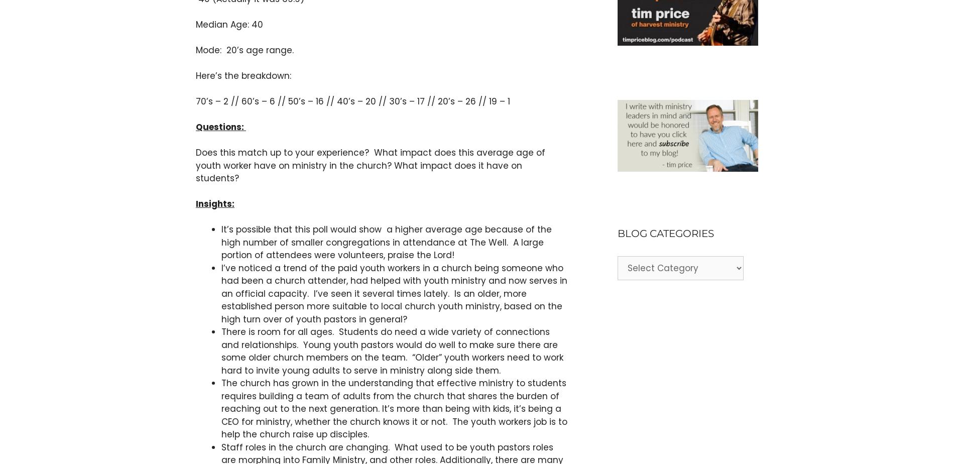  Describe the element at coordinates (220, 242) in the screenshot. I see `'It’s possible that this poll would show  a higher average age because of the high number of smaller congregations in attendance at The Well.  A large portion of attendees were volunteers, praise the Lord!'` at that location.